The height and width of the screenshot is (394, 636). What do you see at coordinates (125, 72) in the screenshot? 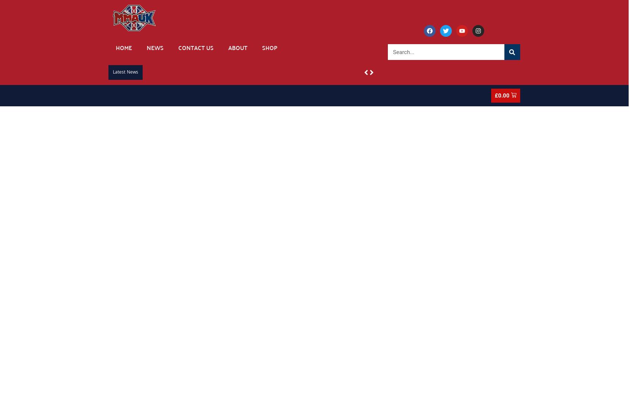
I see `'Latest News'` at bounding box center [125, 72].